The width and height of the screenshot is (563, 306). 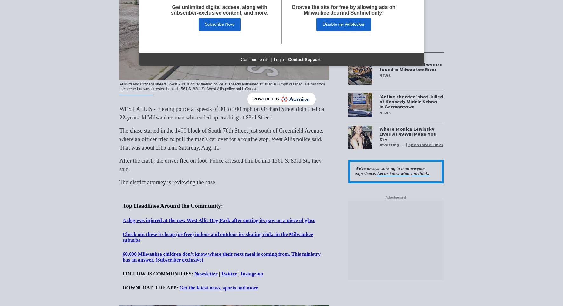 I want to click on 'Browse the site for free by allowing ads on Milwaukee Journal Sentinel only!', so click(x=343, y=10).